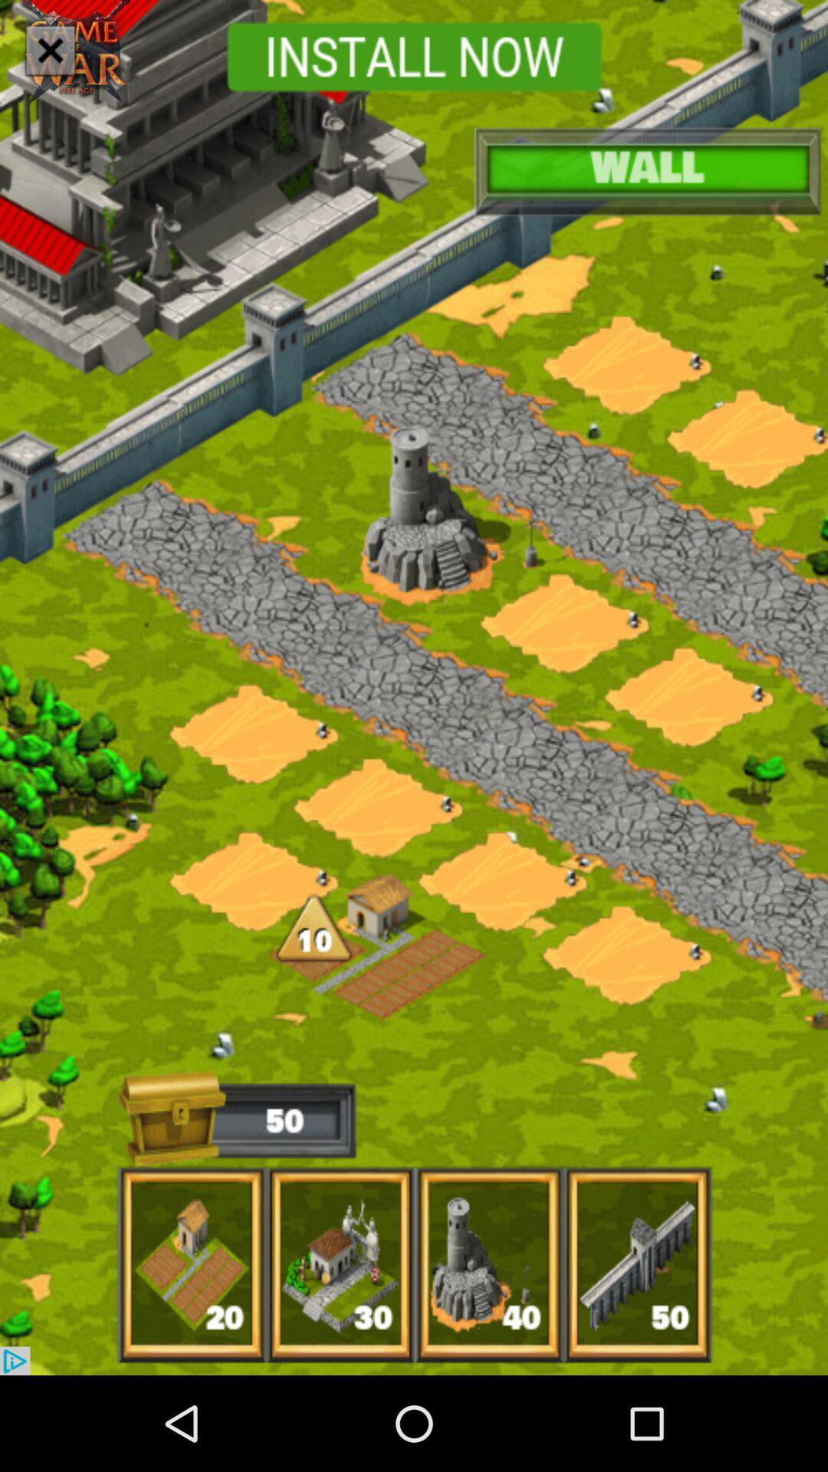  What do you see at coordinates (49, 54) in the screenshot?
I see `the close icon` at bounding box center [49, 54].